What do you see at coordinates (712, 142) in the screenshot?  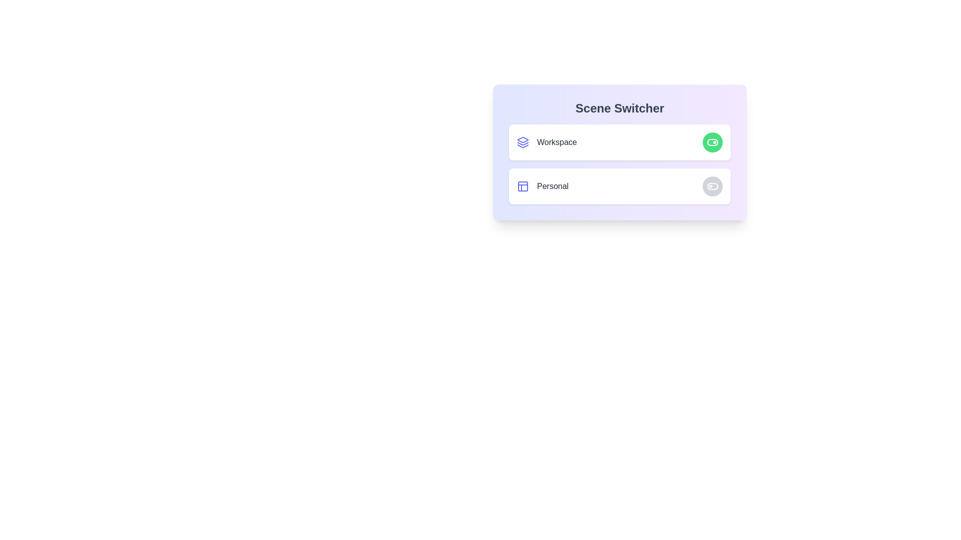 I see `the toggle button located to the right of the 'Workspace' label` at bounding box center [712, 142].